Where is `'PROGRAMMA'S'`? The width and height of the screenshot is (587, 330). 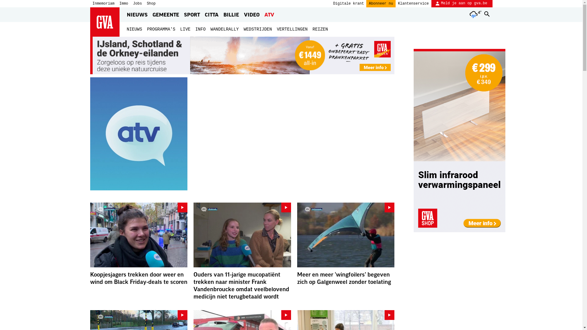
'PROGRAMMA'S' is located at coordinates (161, 29).